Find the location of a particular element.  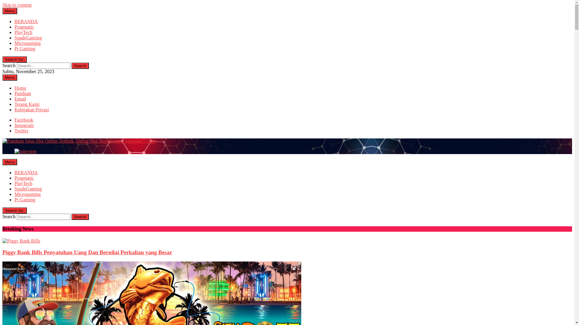

'Pragmatic' is located at coordinates (24, 178).